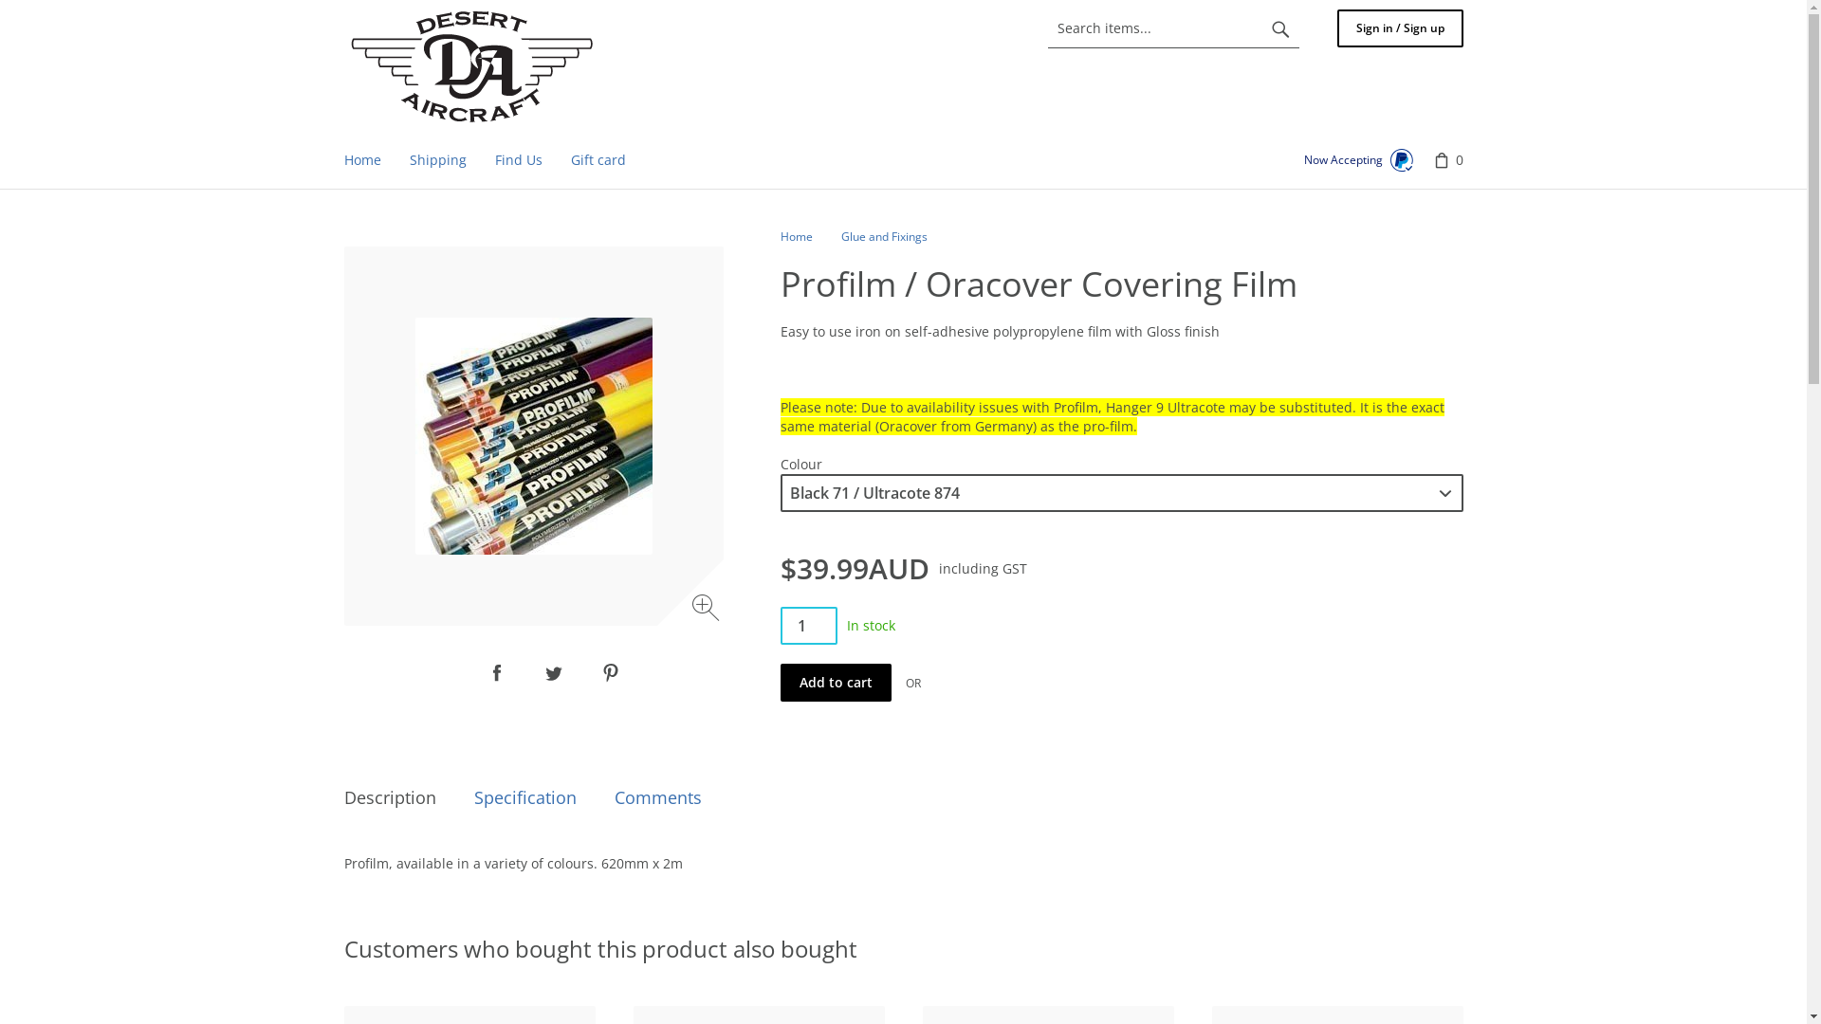 This screenshot has width=1821, height=1024. I want to click on 'Gift card', so click(596, 159).